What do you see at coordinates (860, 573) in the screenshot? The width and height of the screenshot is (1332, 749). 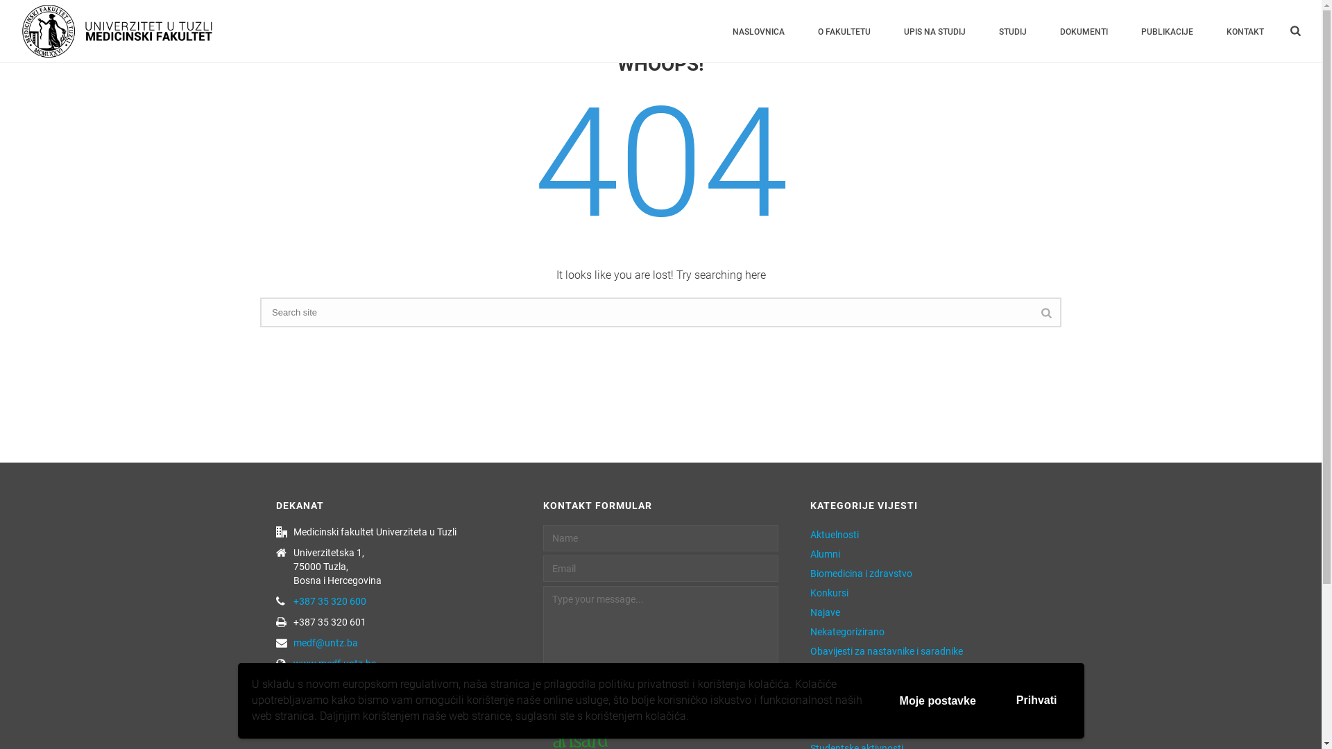 I see `'Biomedicina i zdravstvo'` at bounding box center [860, 573].